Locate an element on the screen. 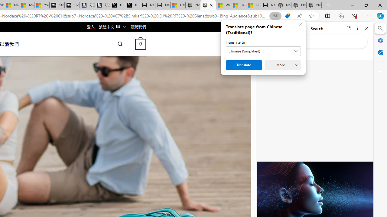 This screenshot has width=387, height=217. 'More options' is located at coordinates (357, 28).